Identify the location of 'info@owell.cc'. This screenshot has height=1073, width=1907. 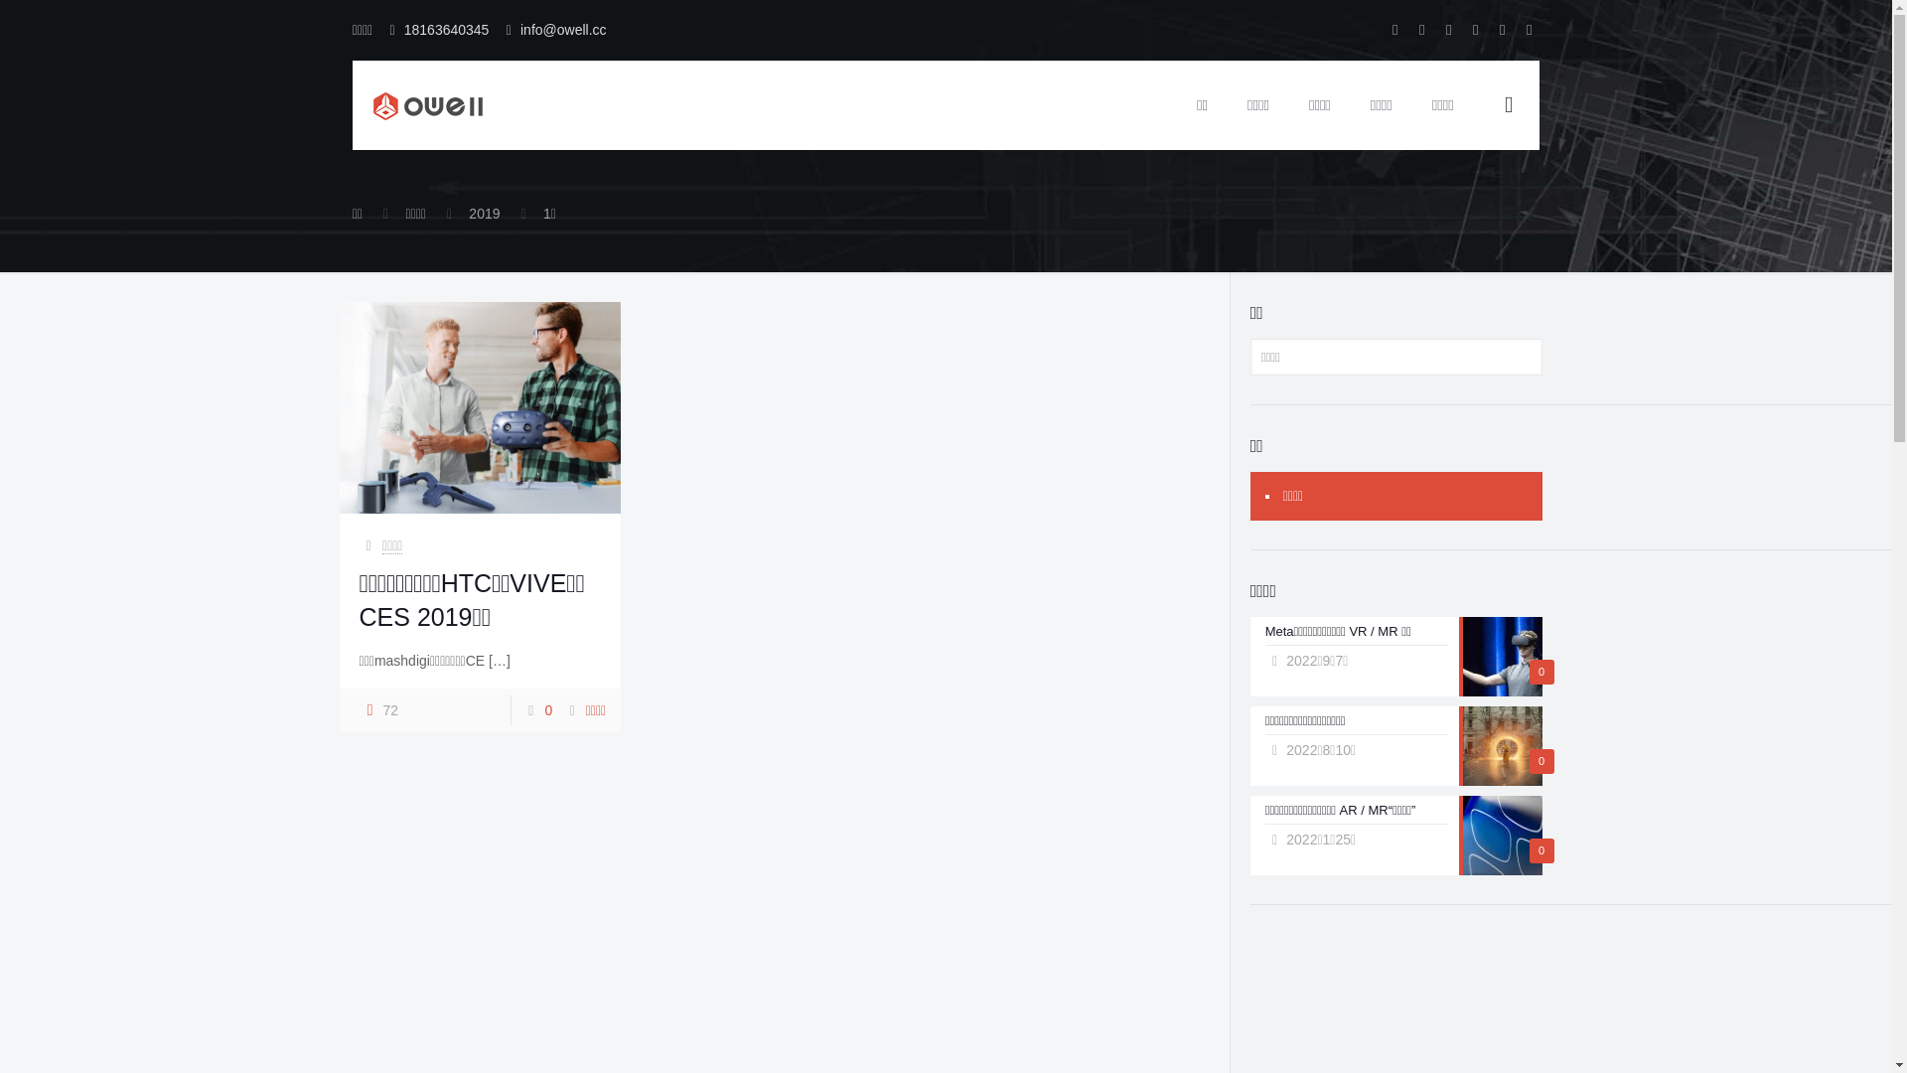
(519, 30).